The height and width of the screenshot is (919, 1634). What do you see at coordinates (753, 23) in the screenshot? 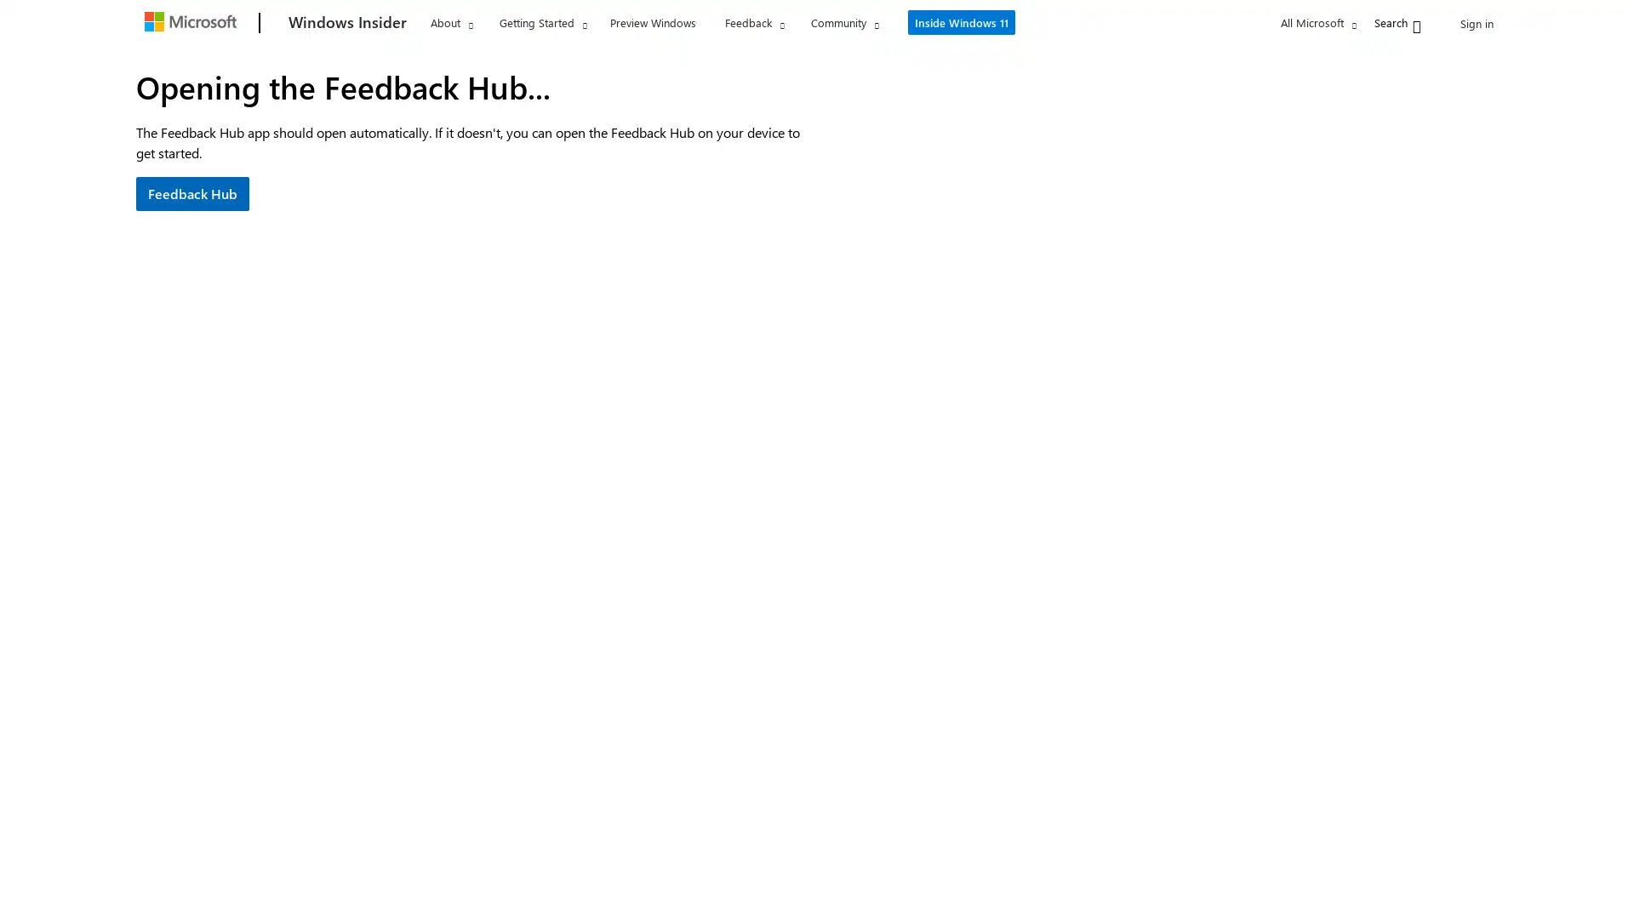
I see `Feedback` at bounding box center [753, 23].